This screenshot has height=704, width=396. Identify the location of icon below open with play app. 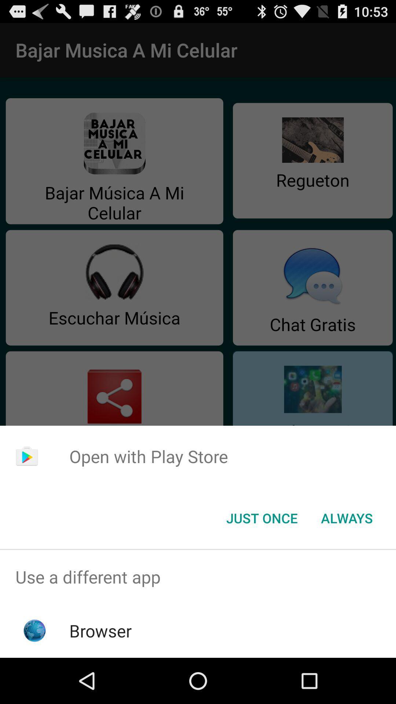
(261, 517).